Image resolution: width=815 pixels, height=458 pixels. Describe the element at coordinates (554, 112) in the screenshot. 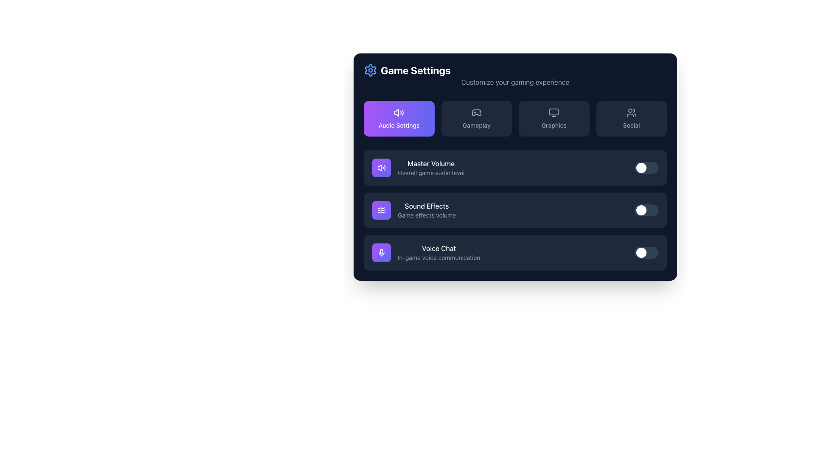

I see `the SVG icon representing the 'Graphics' section within the settings menu, located in the top right corner between 'Gameplay' and 'Social'` at that location.